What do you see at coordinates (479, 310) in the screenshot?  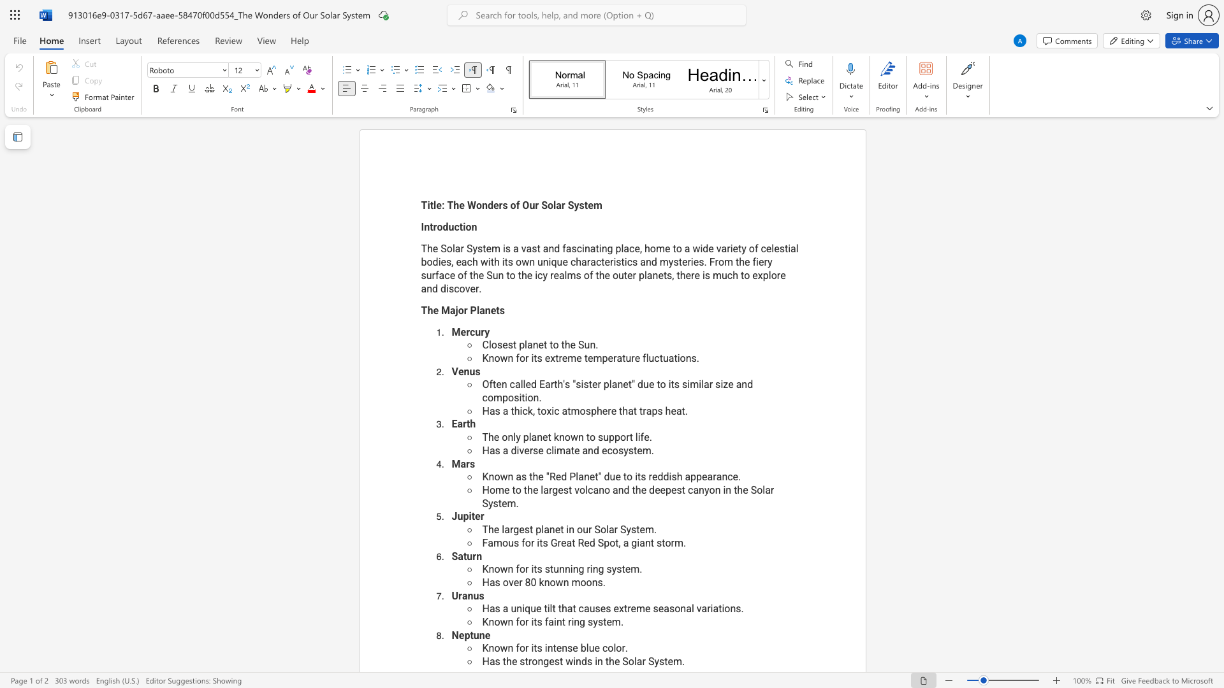 I see `the space between the continuous character "l" and "a" in the text` at bounding box center [479, 310].